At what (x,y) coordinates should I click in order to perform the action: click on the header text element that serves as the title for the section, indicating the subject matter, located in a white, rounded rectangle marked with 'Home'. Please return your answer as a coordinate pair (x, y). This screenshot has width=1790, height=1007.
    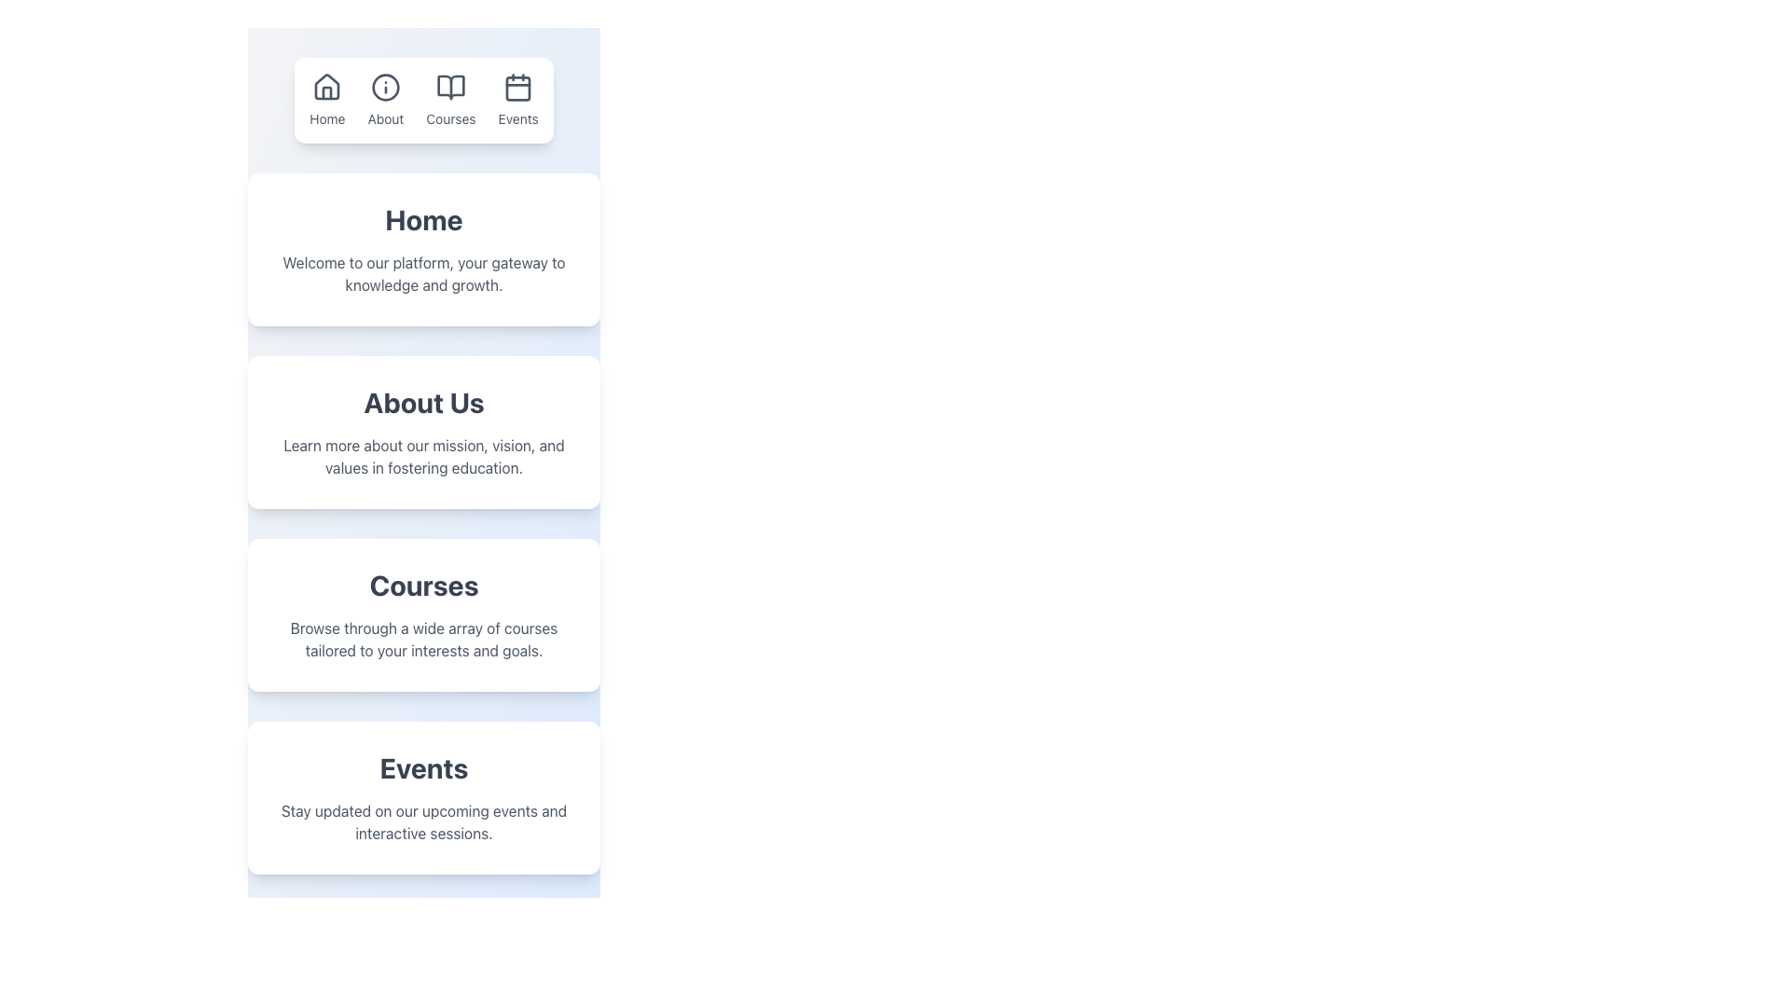
    Looking at the image, I should click on (423, 218).